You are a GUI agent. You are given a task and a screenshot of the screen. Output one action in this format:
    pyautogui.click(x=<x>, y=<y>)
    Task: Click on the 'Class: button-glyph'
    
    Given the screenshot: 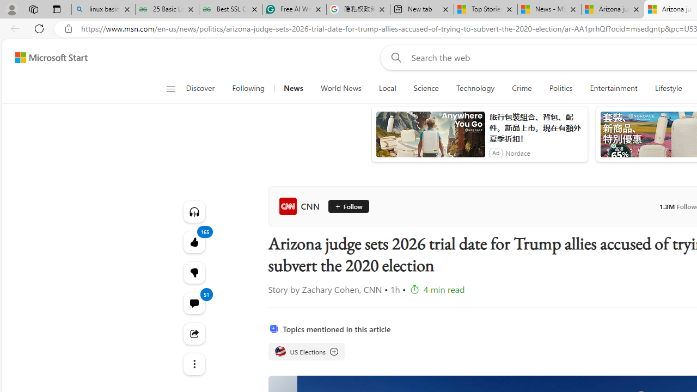 What is the action you would take?
    pyautogui.click(x=170, y=88)
    